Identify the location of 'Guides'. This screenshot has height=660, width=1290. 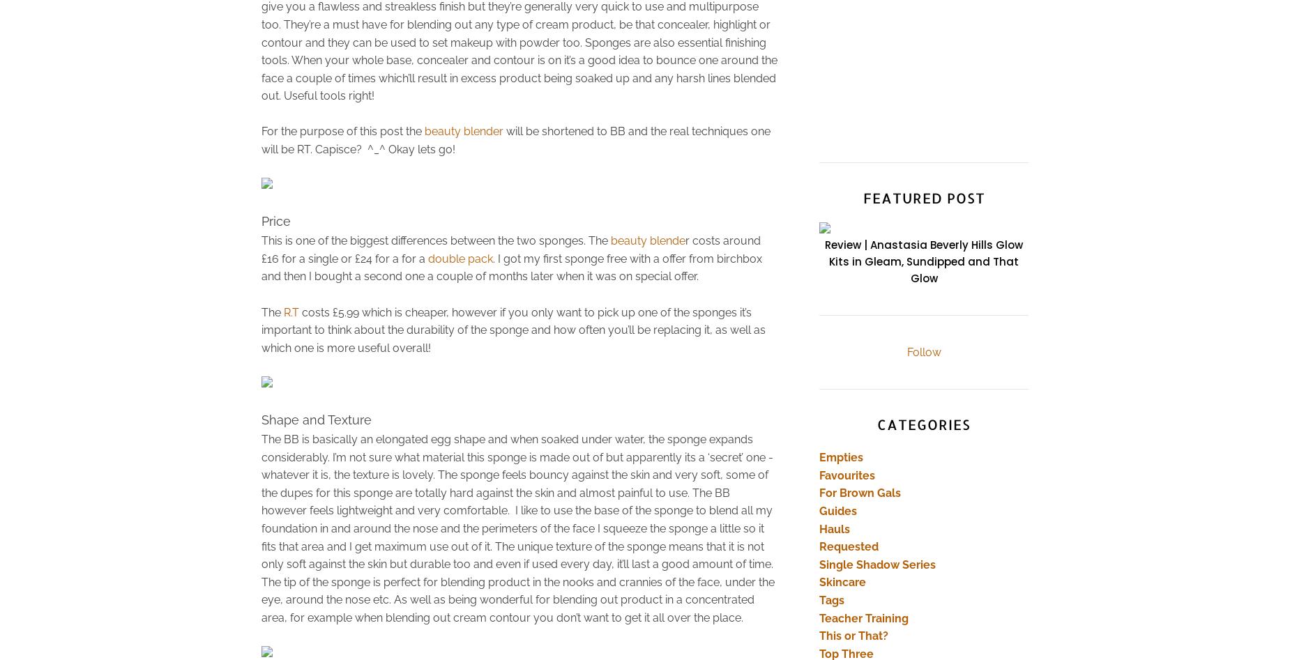
(818, 509).